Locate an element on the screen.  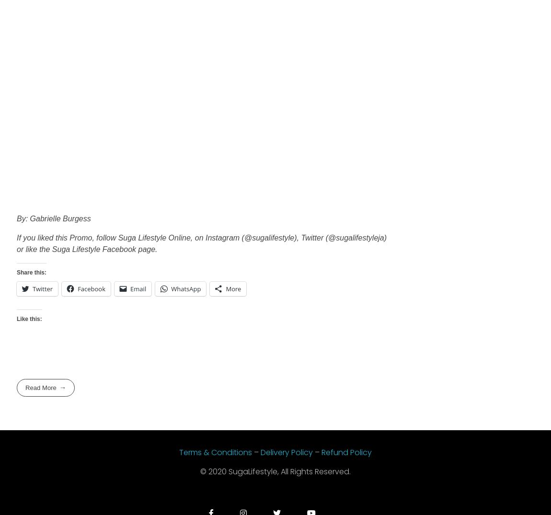
'If you liked this Promo, follow Suga Lifestyle Online, on Instagram (@sugalifestyle), Twitter (@sugalifestyleja) or like the Suga Lifestyle Facebook page.' is located at coordinates (202, 242).